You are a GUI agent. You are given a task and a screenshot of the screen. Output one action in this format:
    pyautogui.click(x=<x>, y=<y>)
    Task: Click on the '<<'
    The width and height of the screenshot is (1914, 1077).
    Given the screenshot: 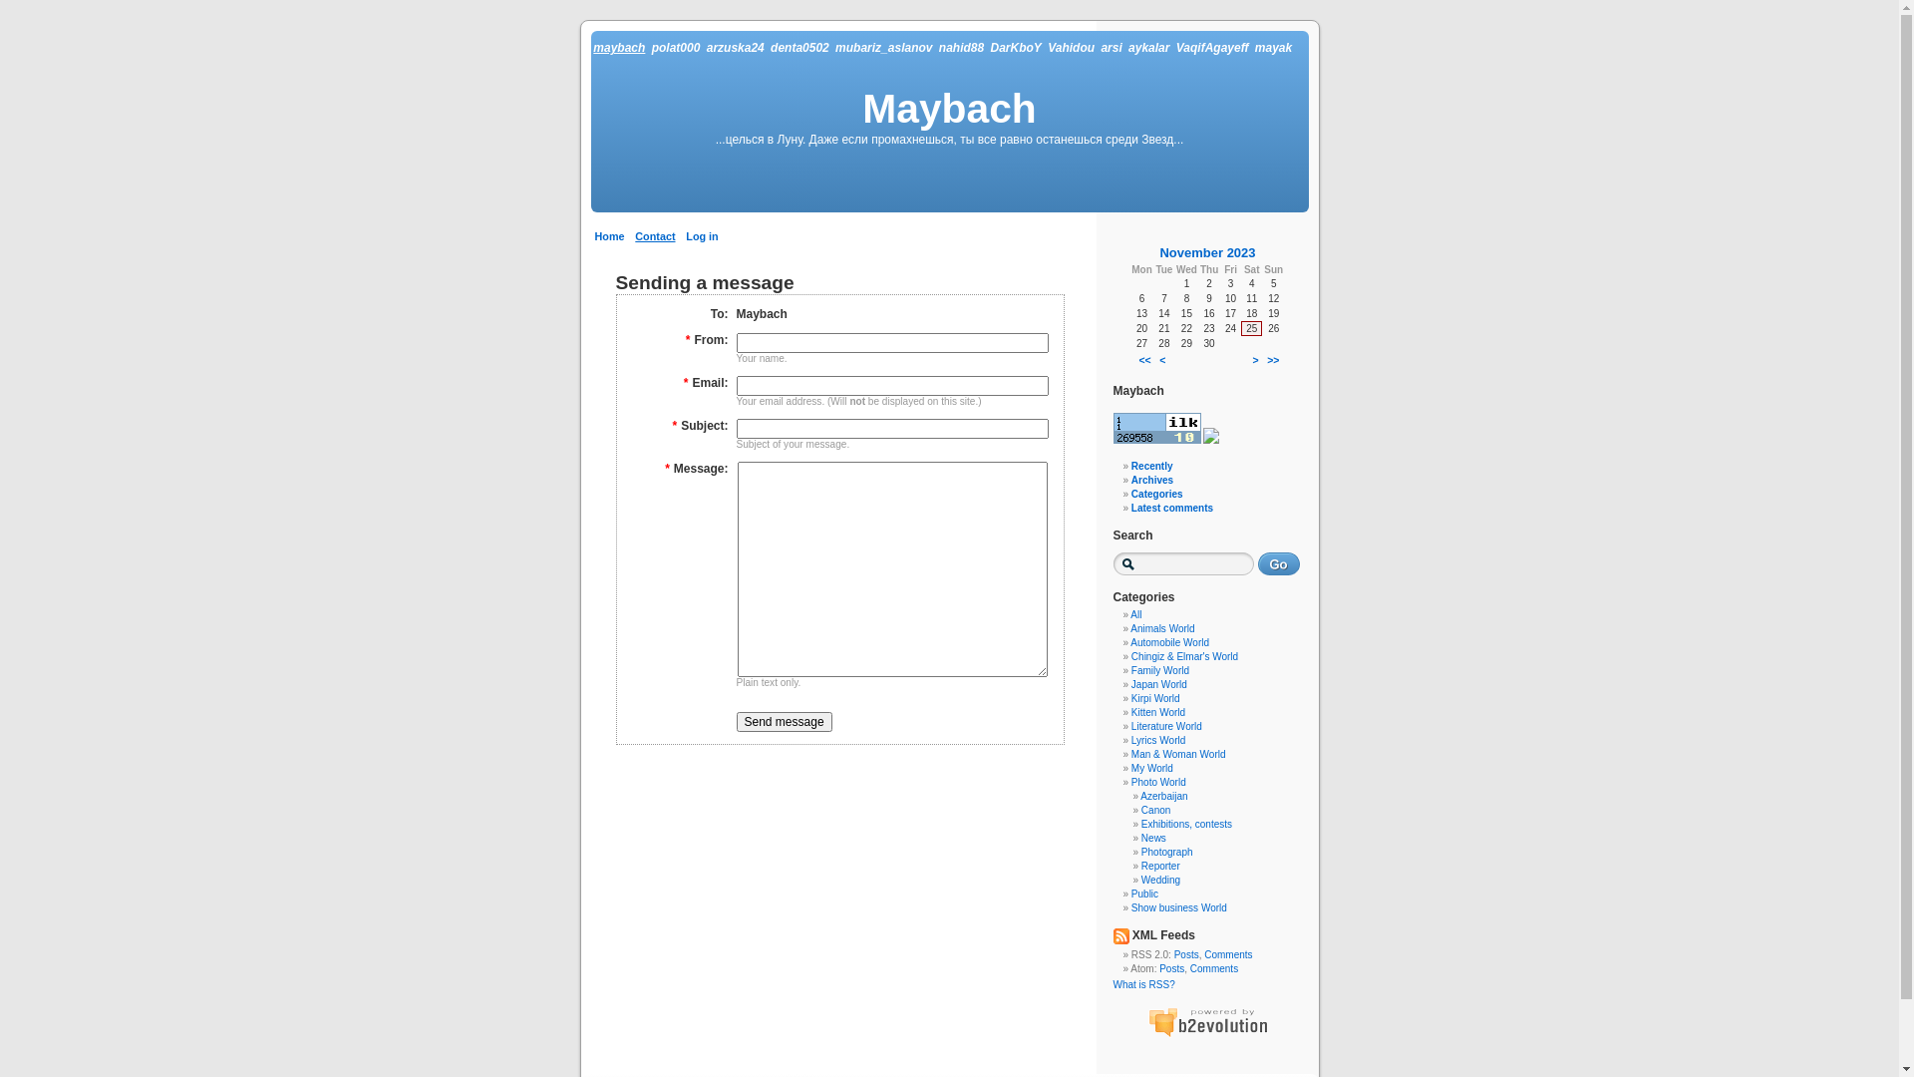 What is the action you would take?
    pyautogui.click(x=1144, y=360)
    